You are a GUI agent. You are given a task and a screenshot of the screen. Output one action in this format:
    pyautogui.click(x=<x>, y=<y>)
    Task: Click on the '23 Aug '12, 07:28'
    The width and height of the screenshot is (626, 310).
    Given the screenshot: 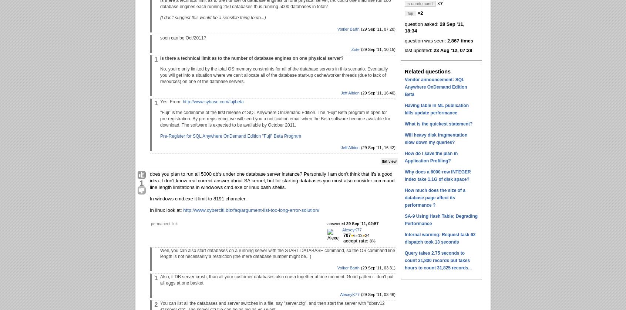 What is the action you would take?
    pyautogui.click(x=452, y=50)
    